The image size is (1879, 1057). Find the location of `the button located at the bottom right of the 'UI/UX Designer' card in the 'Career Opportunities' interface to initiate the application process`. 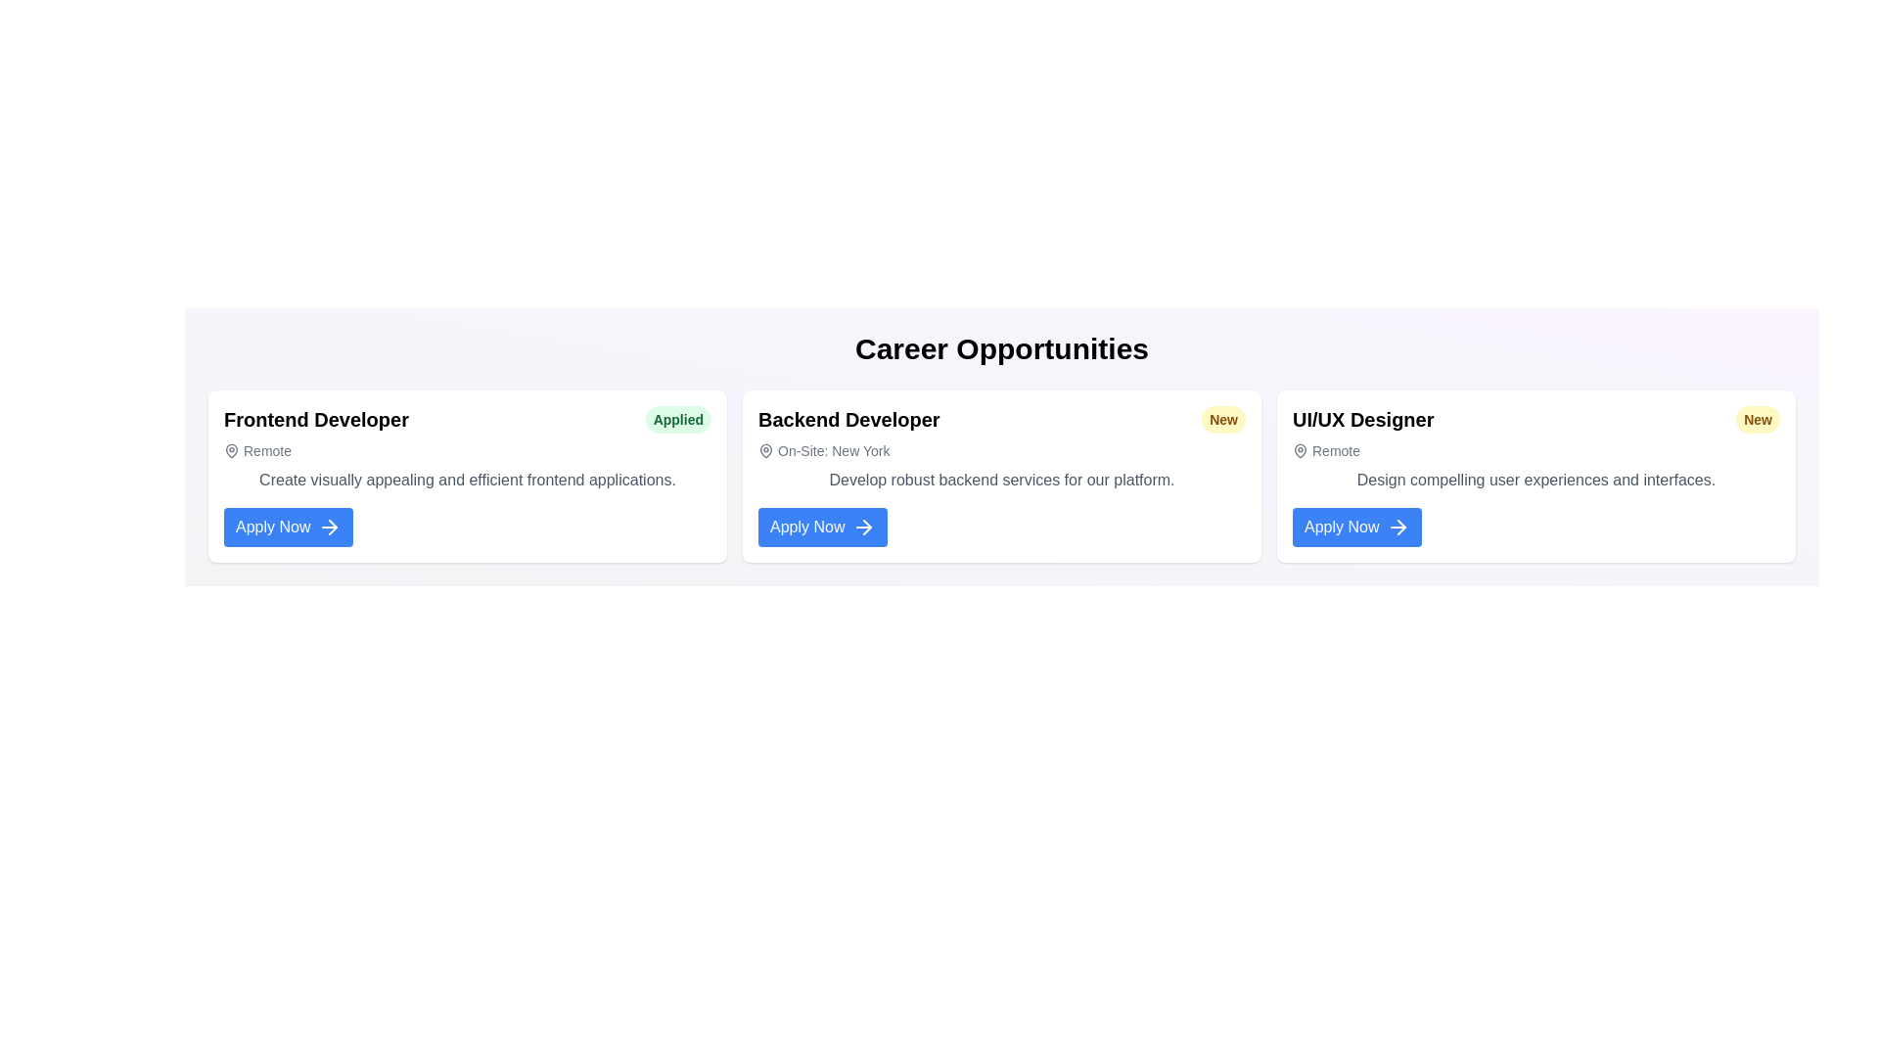

the button located at the bottom right of the 'UI/UX Designer' card in the 'Career Opportunities' interface to initiate the application process is located at coordinates (1356, 527).